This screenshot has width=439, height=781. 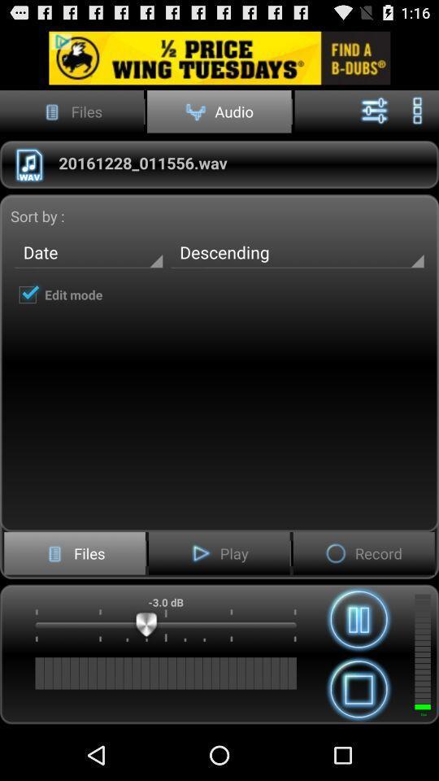 What do you see at coordinates (359, 662) in the screenshot?
I see `the pause icon` at bounding box center [359, 662].